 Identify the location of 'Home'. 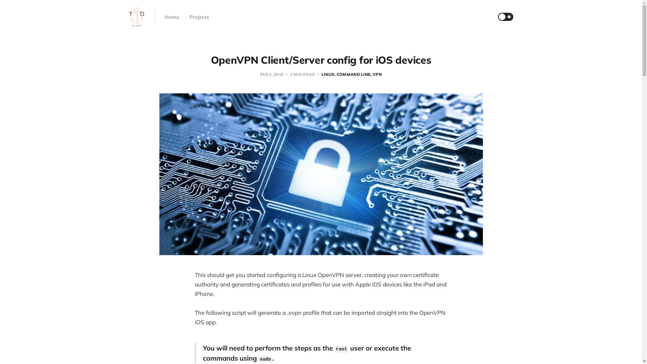
(172, 16).